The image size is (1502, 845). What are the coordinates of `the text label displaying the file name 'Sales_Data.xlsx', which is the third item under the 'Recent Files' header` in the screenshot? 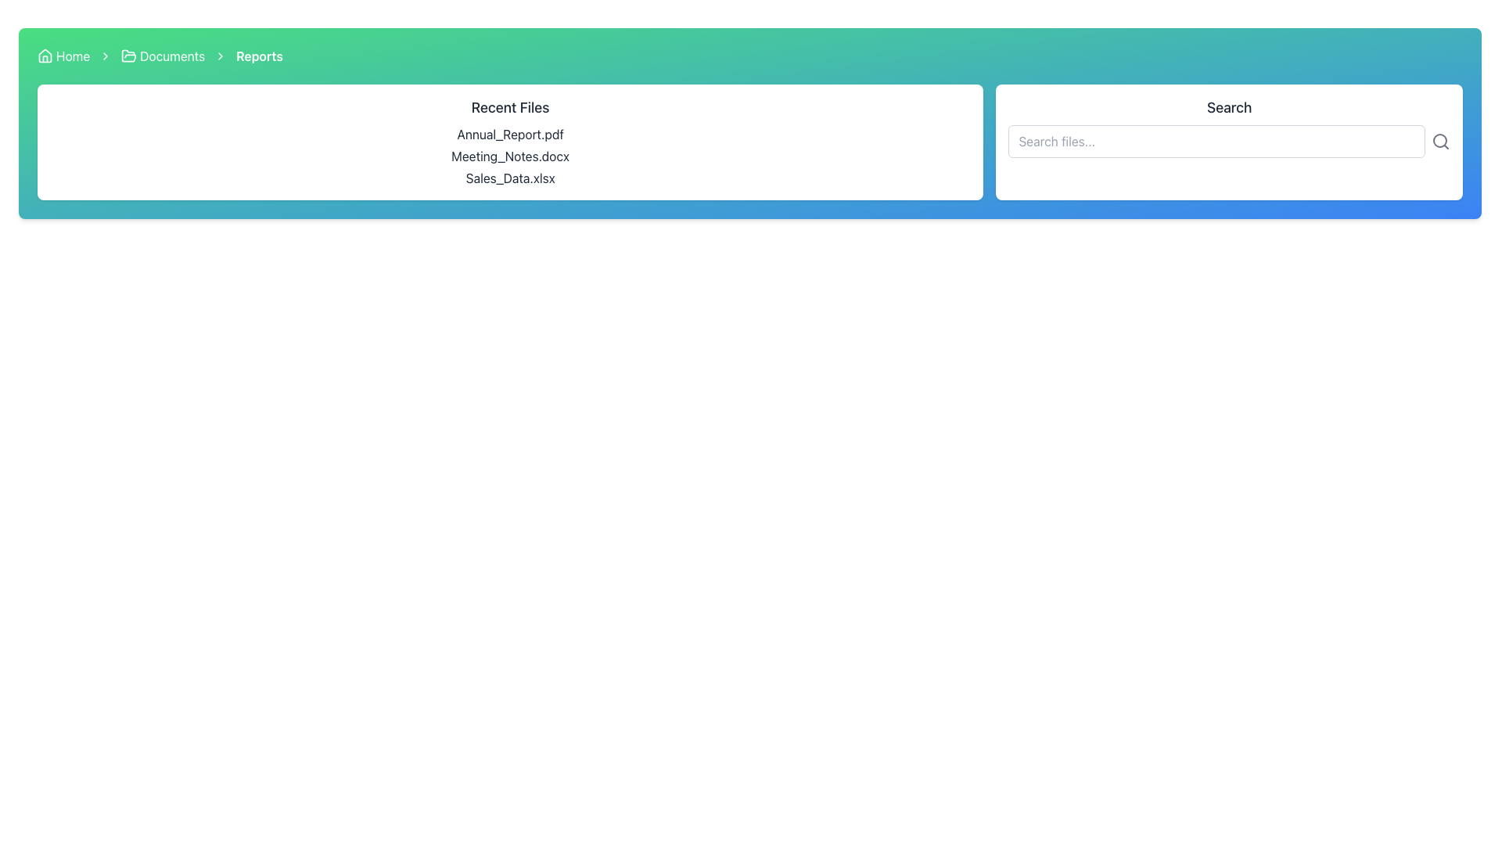 It's located at (510, 177).